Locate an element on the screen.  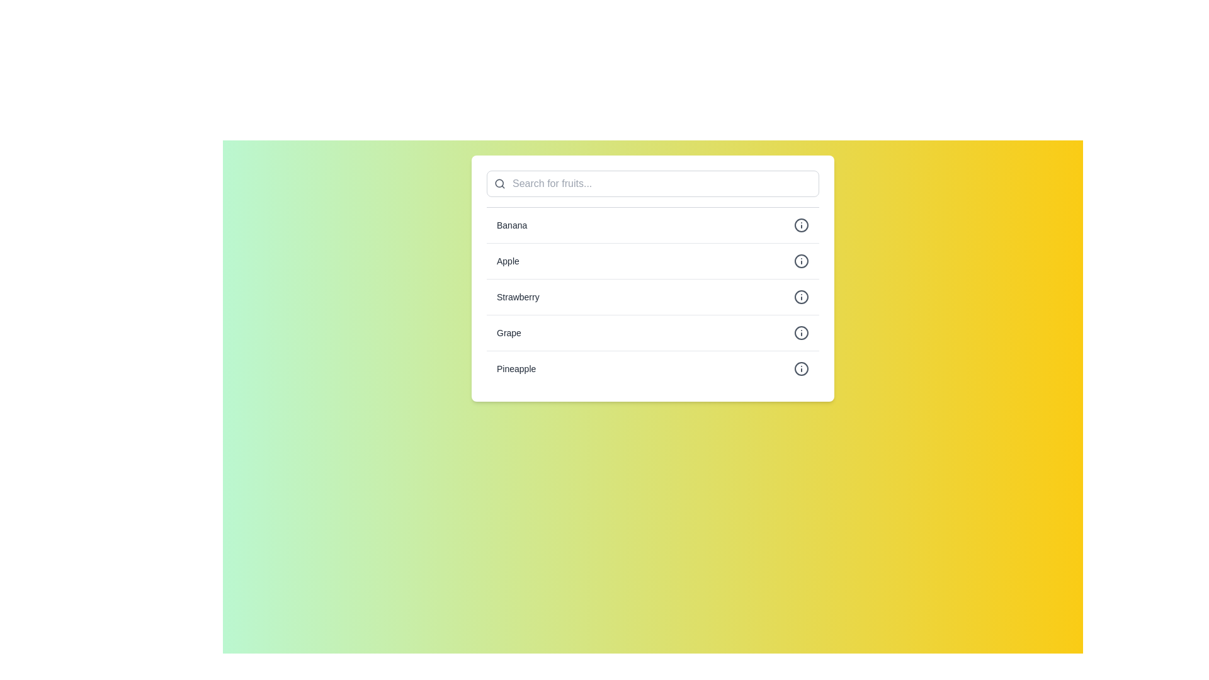
the second item in the dropdown menu labeled 'Apple' is located at coordinates (652, 259).